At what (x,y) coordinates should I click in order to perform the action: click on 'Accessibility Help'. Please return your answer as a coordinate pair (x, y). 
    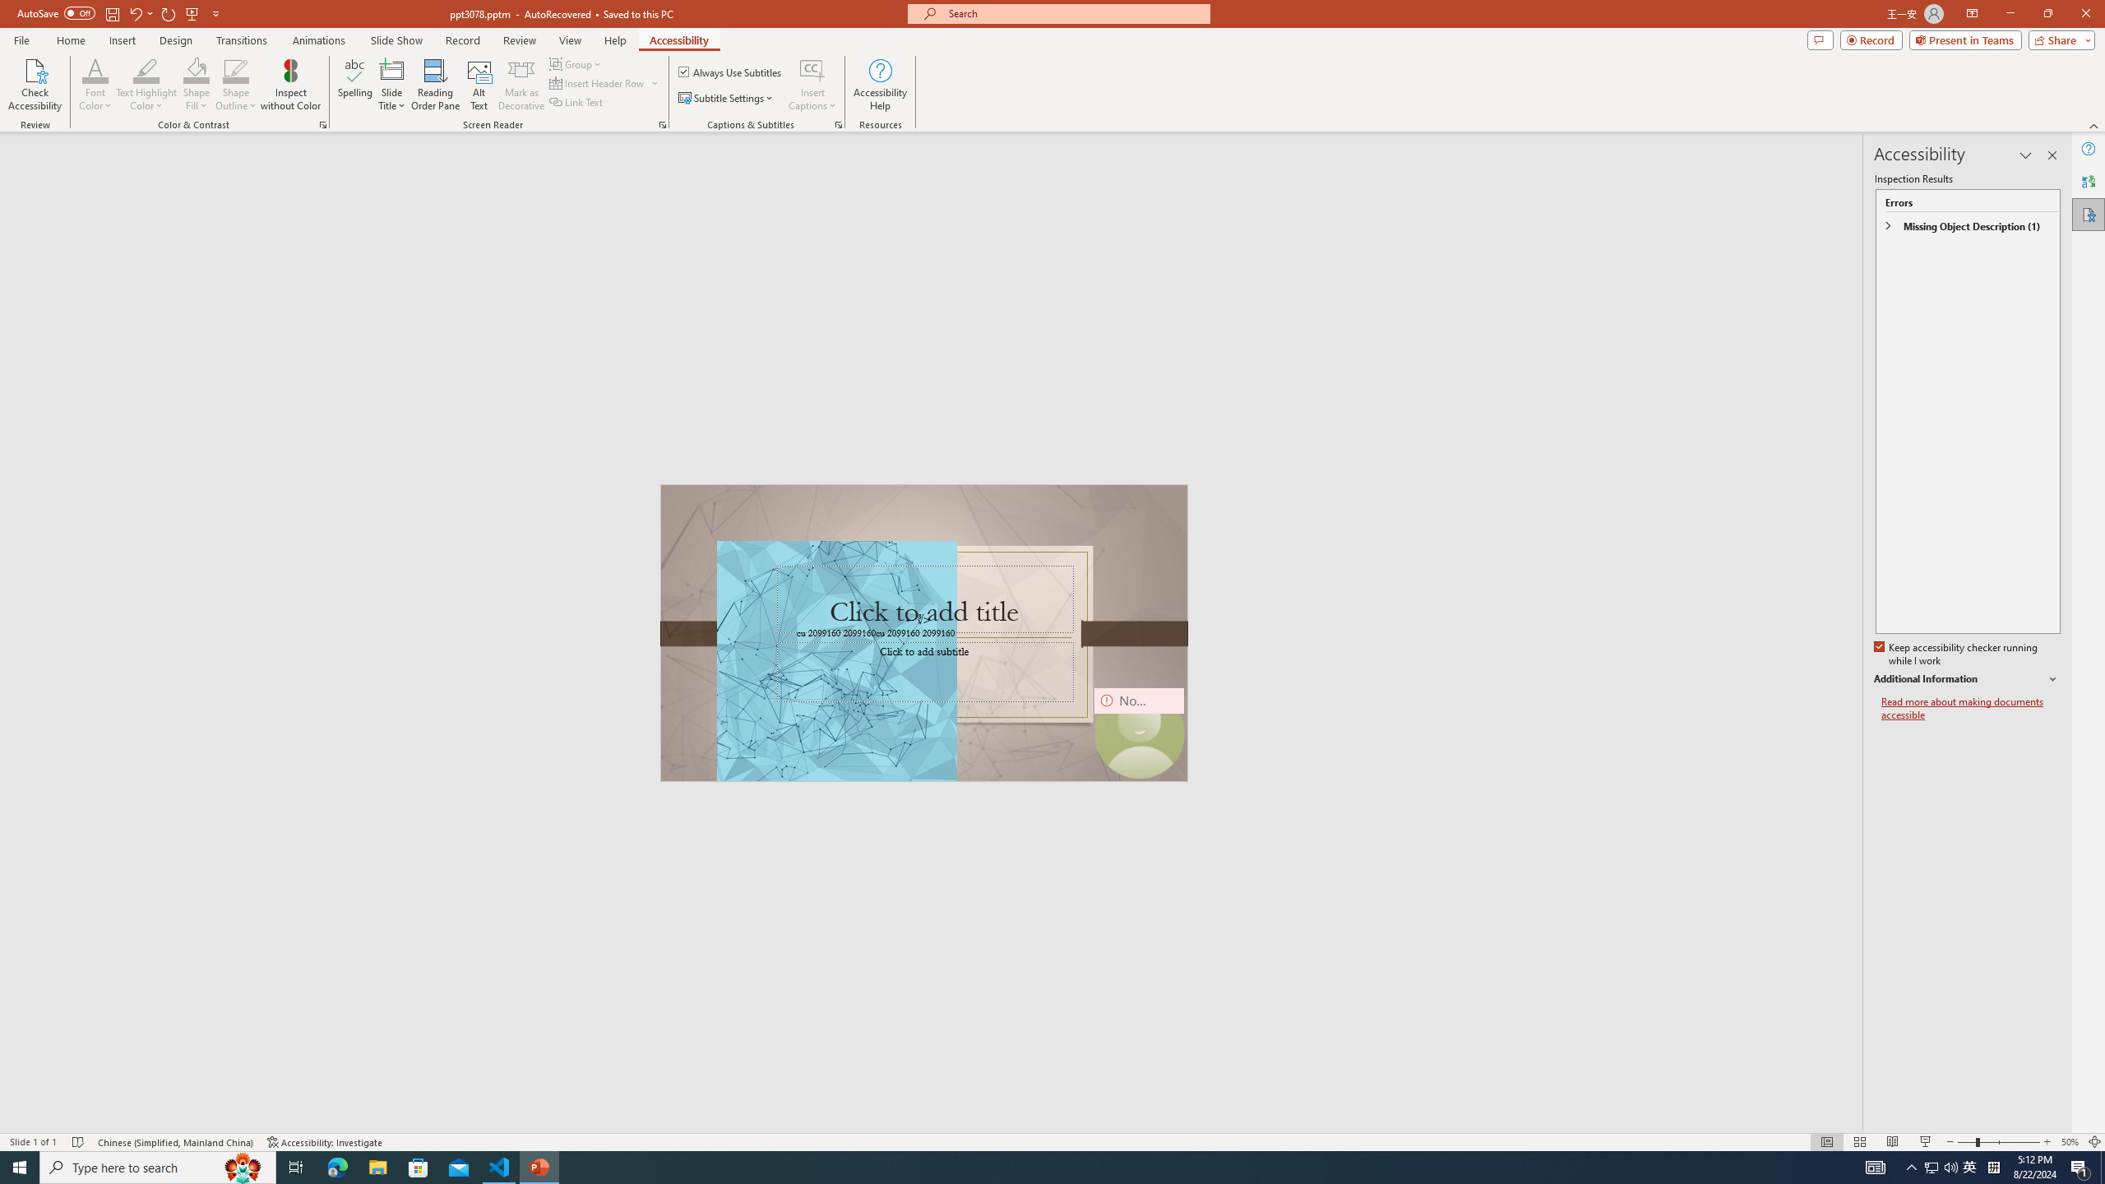
    Looking at the image, I should click on (881, 85).